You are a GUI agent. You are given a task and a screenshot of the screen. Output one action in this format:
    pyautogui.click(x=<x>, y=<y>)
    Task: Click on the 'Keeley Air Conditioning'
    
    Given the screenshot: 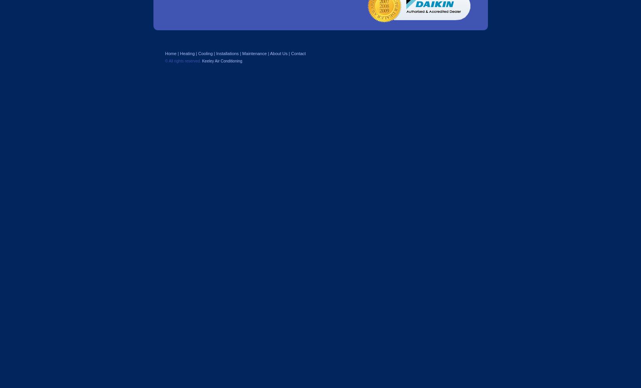 What is the action you would take?
    pyautogui.click(x=221, y=61)
    